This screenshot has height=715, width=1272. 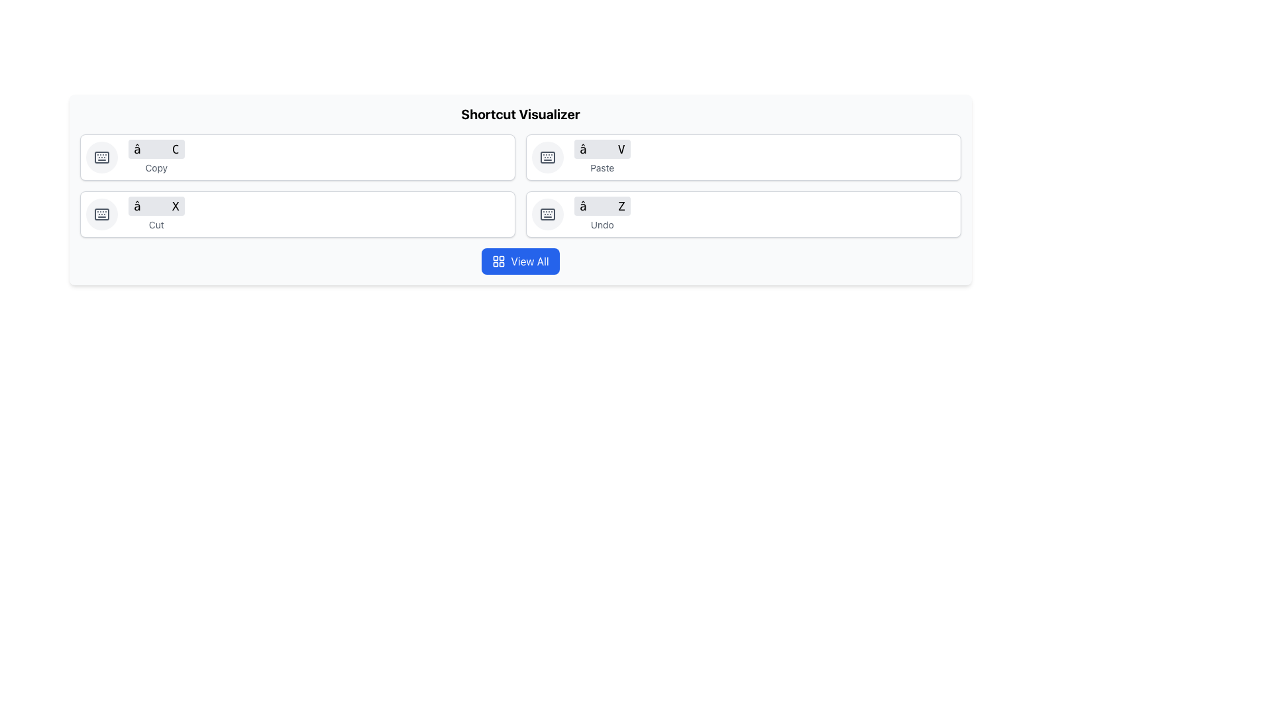 What do you see at coordinates (547, 157) in the screenshot?
I see `the background rectangle of the keyboard SVG icon, which serves as the visual representation of the keyboard's aesthetic` at bounding box center [547, 157].